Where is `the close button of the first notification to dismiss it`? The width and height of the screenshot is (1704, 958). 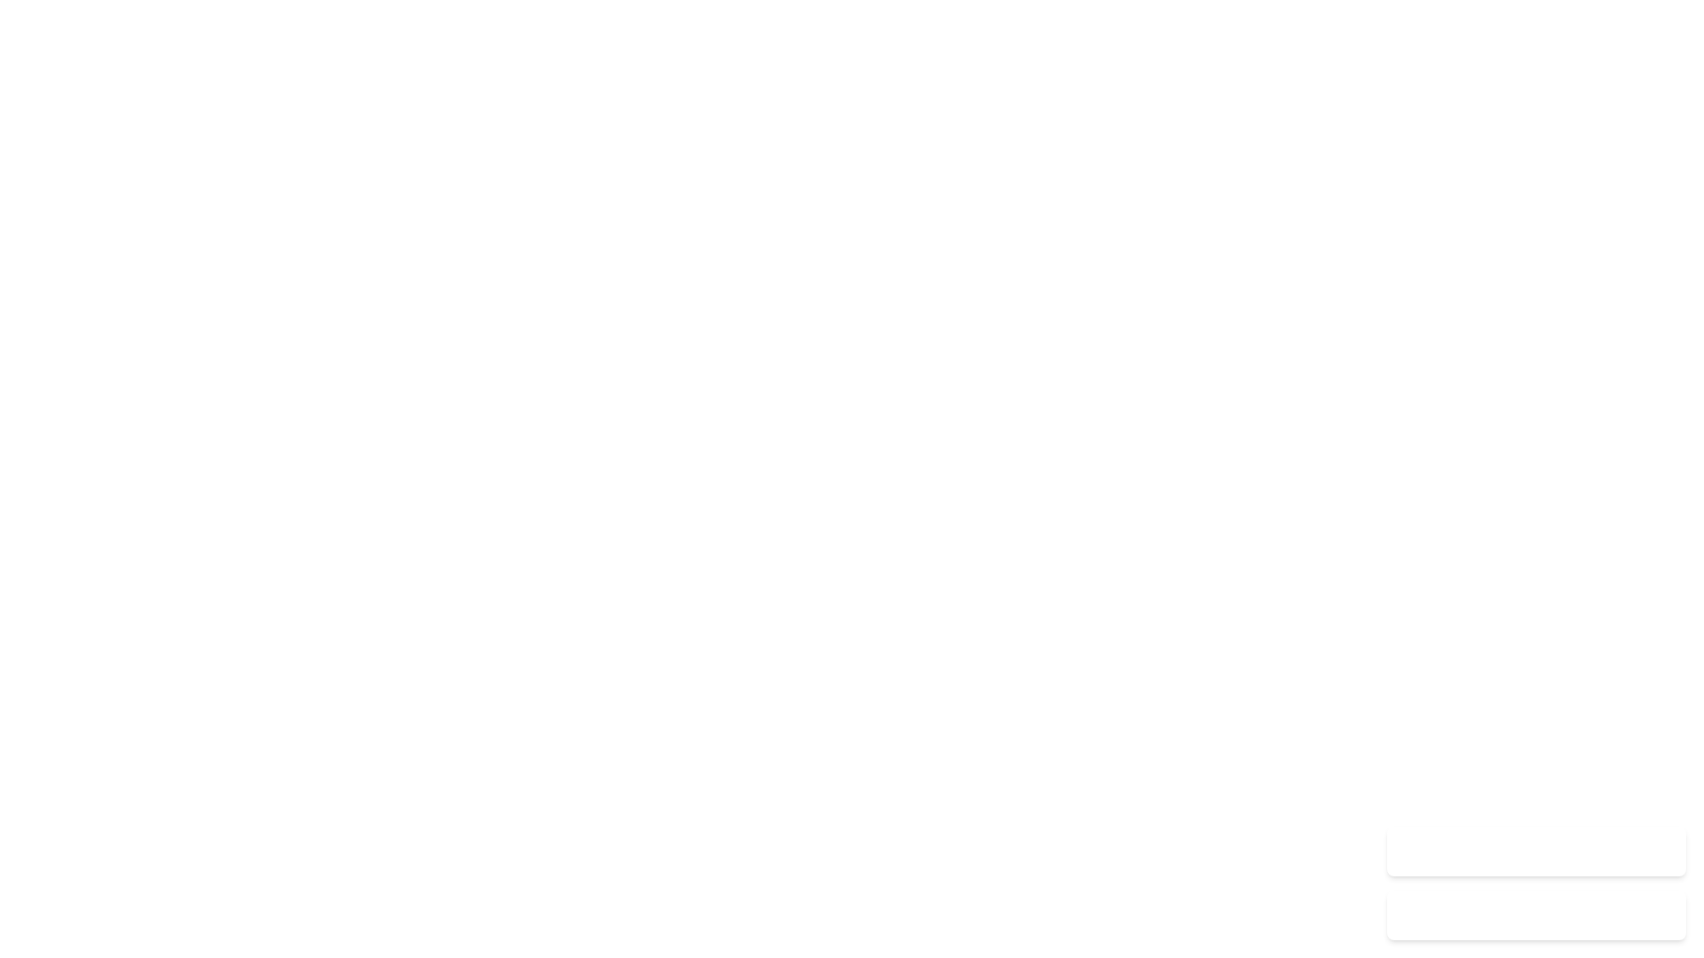
the close button of the first notification to dismiss it is located at coordinates (1661, 851).